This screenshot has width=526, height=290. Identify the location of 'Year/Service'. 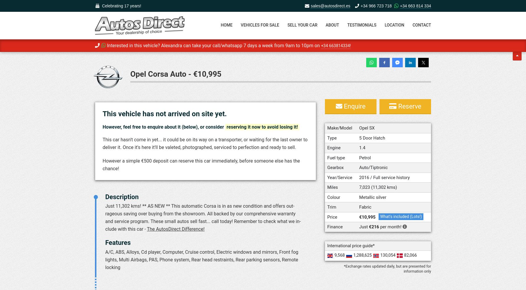
(339, 177).